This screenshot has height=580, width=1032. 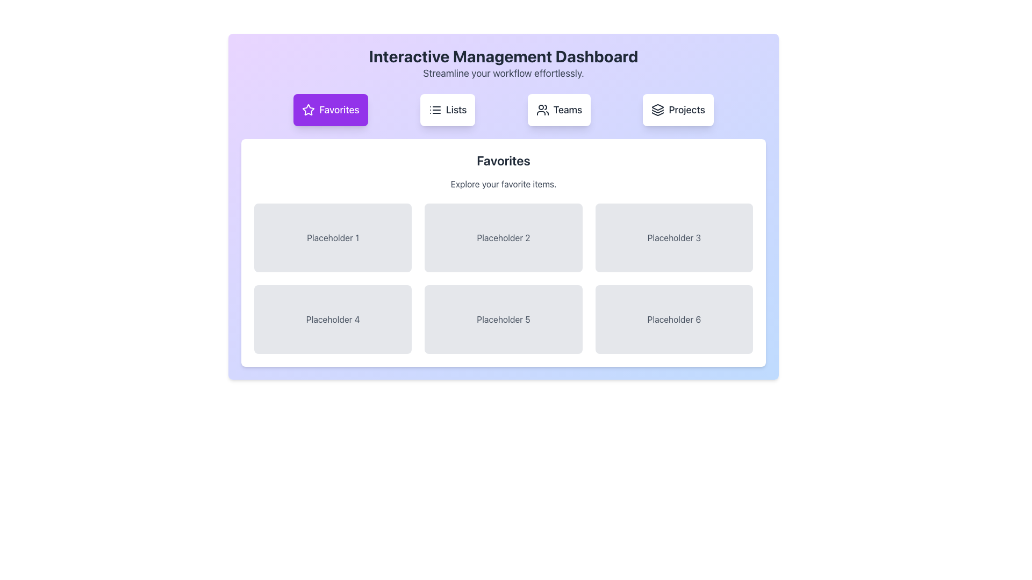 What do you see at coordinates (678, 110) in the screenshot?
I see `the 'Projects' button, which is the fourth button in a horizontal list, displaying a stack icon and gray text on a white background` at bounding box center [678, 110].